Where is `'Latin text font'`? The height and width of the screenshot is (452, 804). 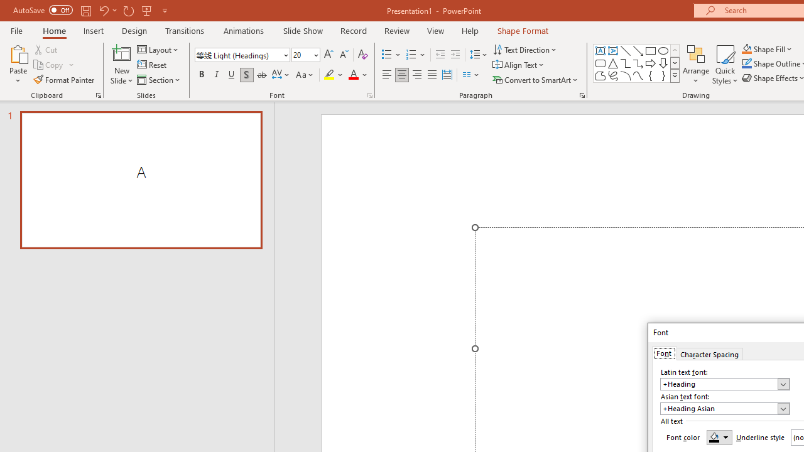 'Latin text font' is located at coordinates (725, 384).